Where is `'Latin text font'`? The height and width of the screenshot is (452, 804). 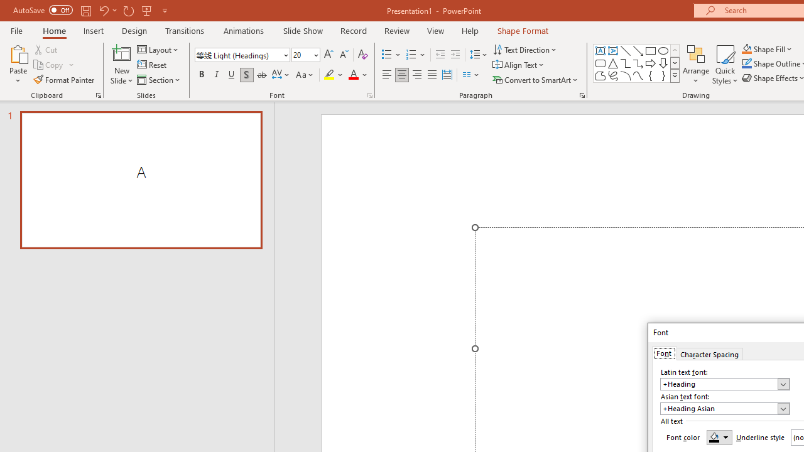 'Latin text font' is located at coordinates (725, 384).